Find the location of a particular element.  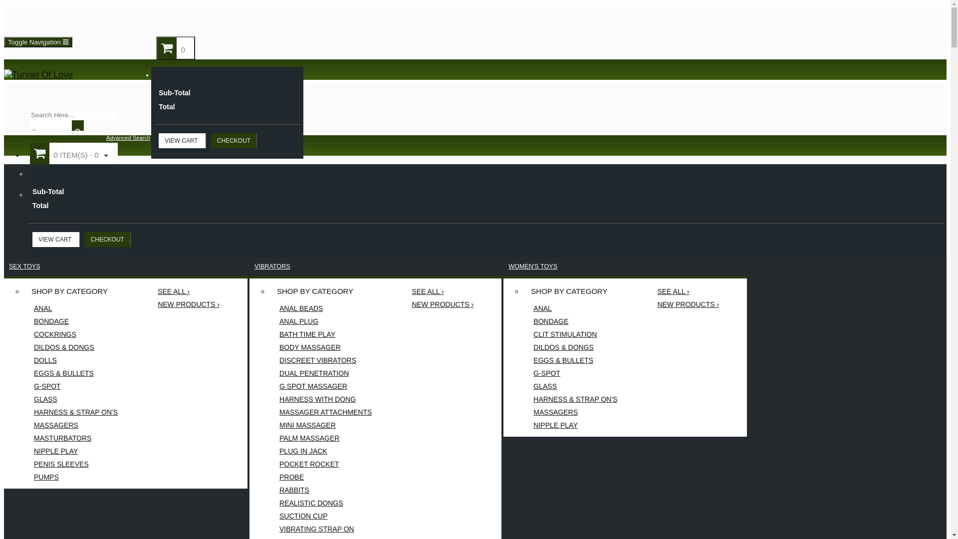

'ANAL BEADS' is located at coordinates (325, 307).